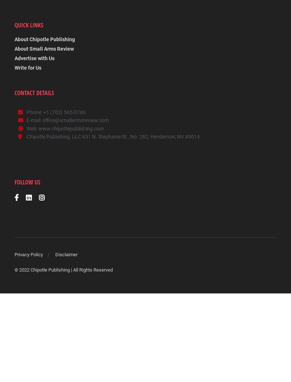  I want to click on 'QUICK LINKS', so click(29, 26).